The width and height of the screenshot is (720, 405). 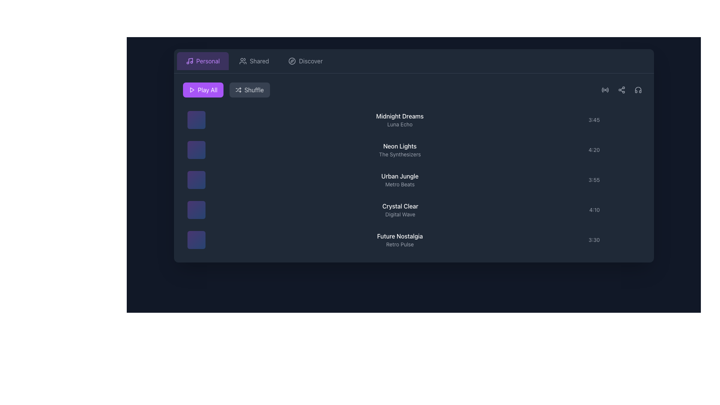 What do you see at coordinates (192, 89) in the screenshot?
I see `the triangular 'Play' icon within the purple 'Play All' button to initiate the play-all functionality` at bounding box center [192, 89].